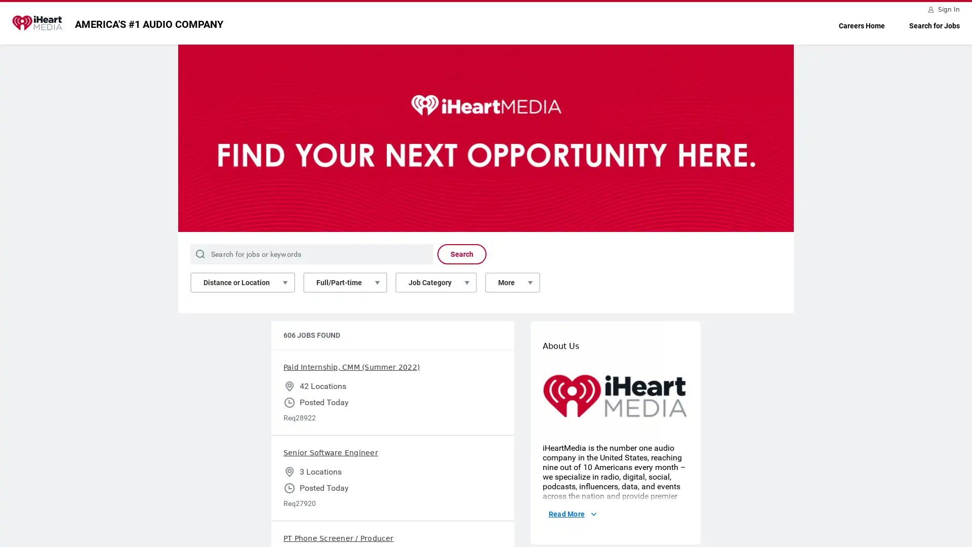 The image size is (972, 547). Describe the element at coordinates (242, 283) in the screenshot. I see `Distance or Location` at that location.